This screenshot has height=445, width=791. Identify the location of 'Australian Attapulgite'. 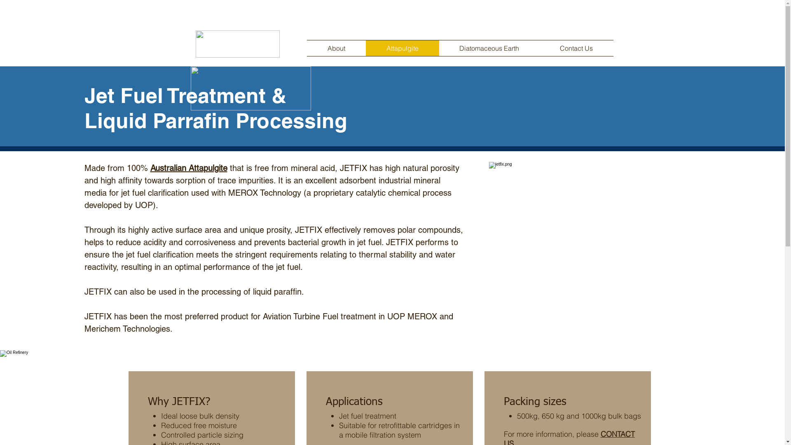
(188, 168).